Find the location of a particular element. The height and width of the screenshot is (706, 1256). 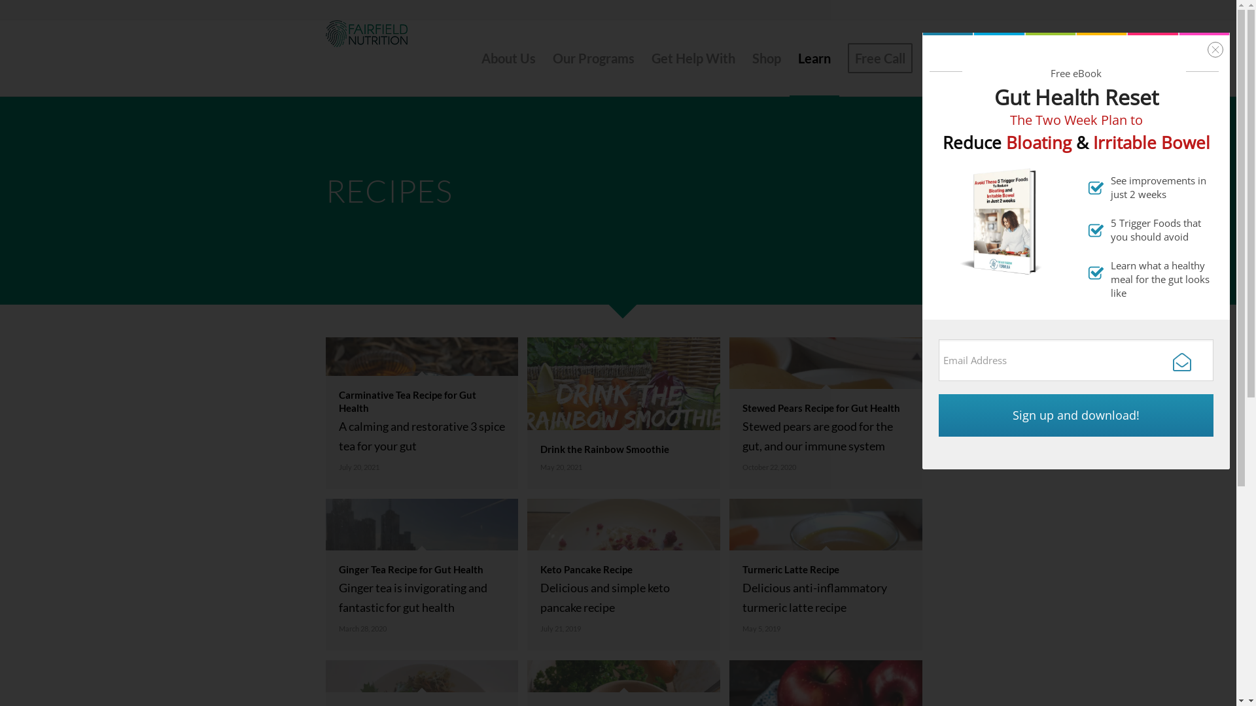

'avoid these foods book cover' is located at coordinates (1002, 220).